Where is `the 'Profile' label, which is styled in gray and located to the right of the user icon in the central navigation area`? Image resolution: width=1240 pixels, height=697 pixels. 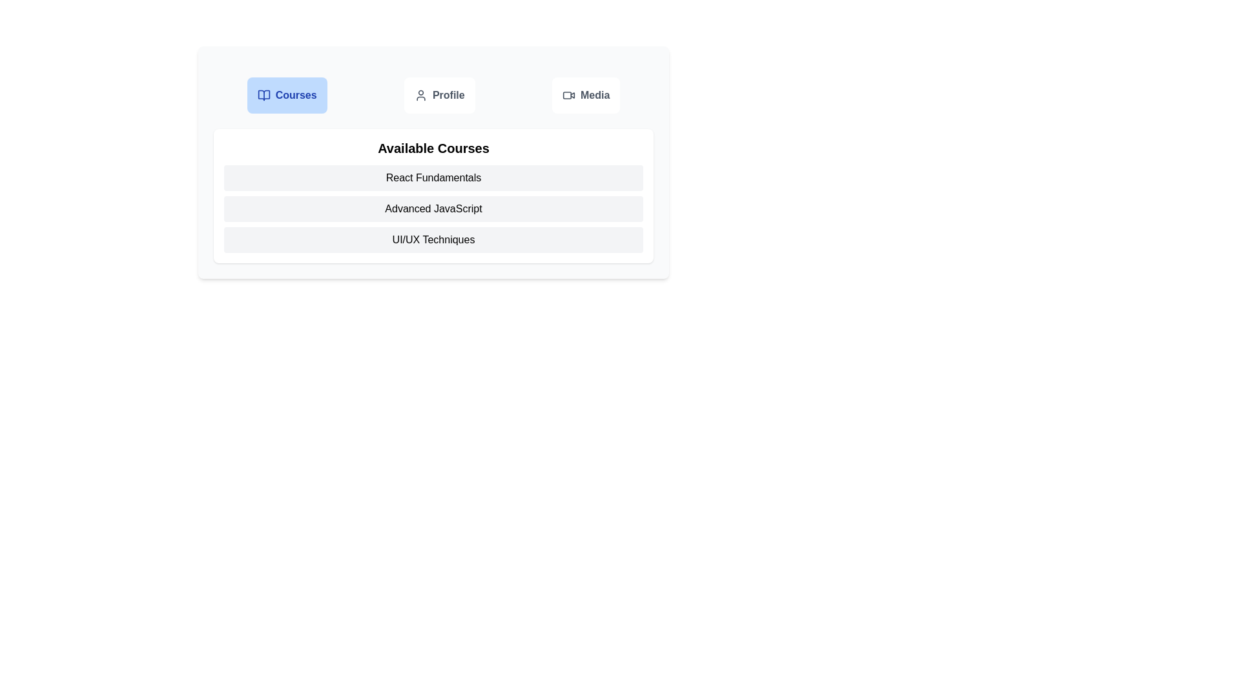
the 'Profile' label, which is styled in gray and located to the right of the user icon in the central navigation area is located at coordinates (448, 94).